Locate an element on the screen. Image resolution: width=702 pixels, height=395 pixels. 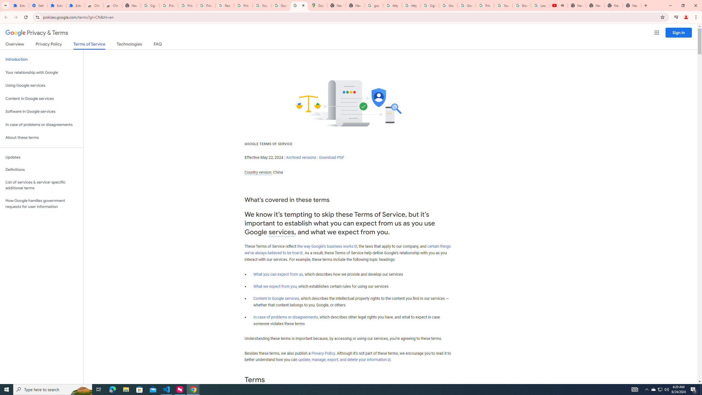
'services' is located at coordinates (281, 232).